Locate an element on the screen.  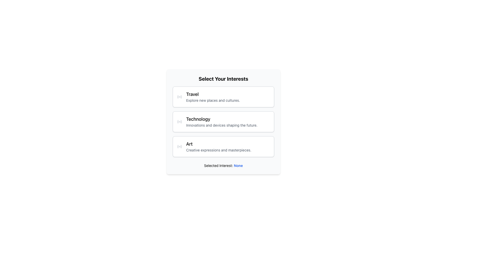
text of the label for the 'Art' interest option located in the center of the third selectable card in the list labeled 'Select Your Interests' is located at coordinates (219, 147).